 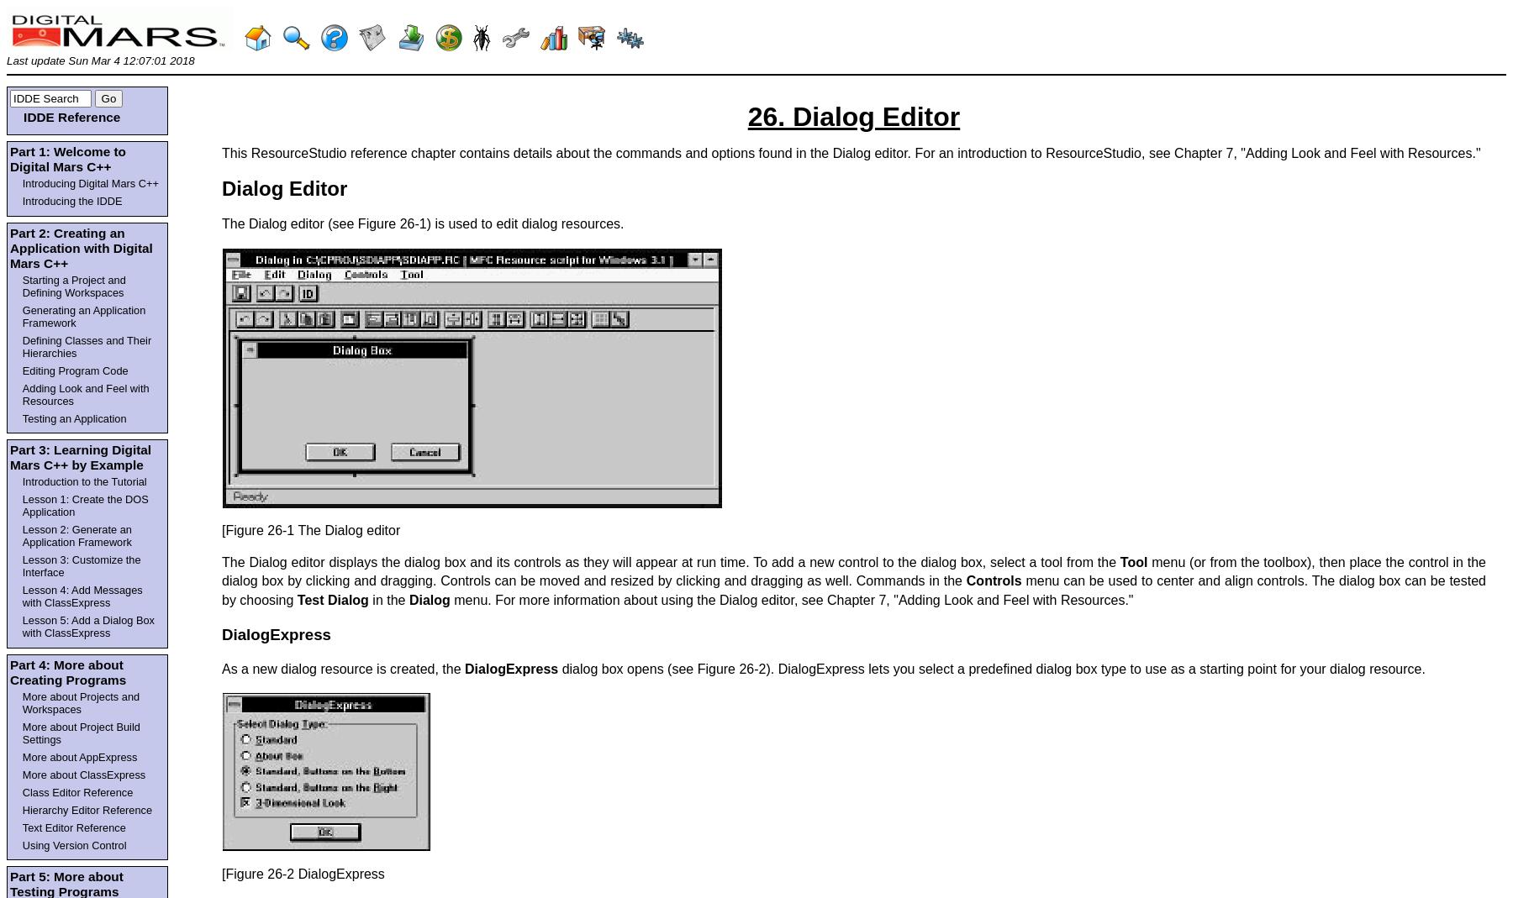 I want to click on 'Lesson 2: Generate an Application Framework', so click(x=20, y=535).